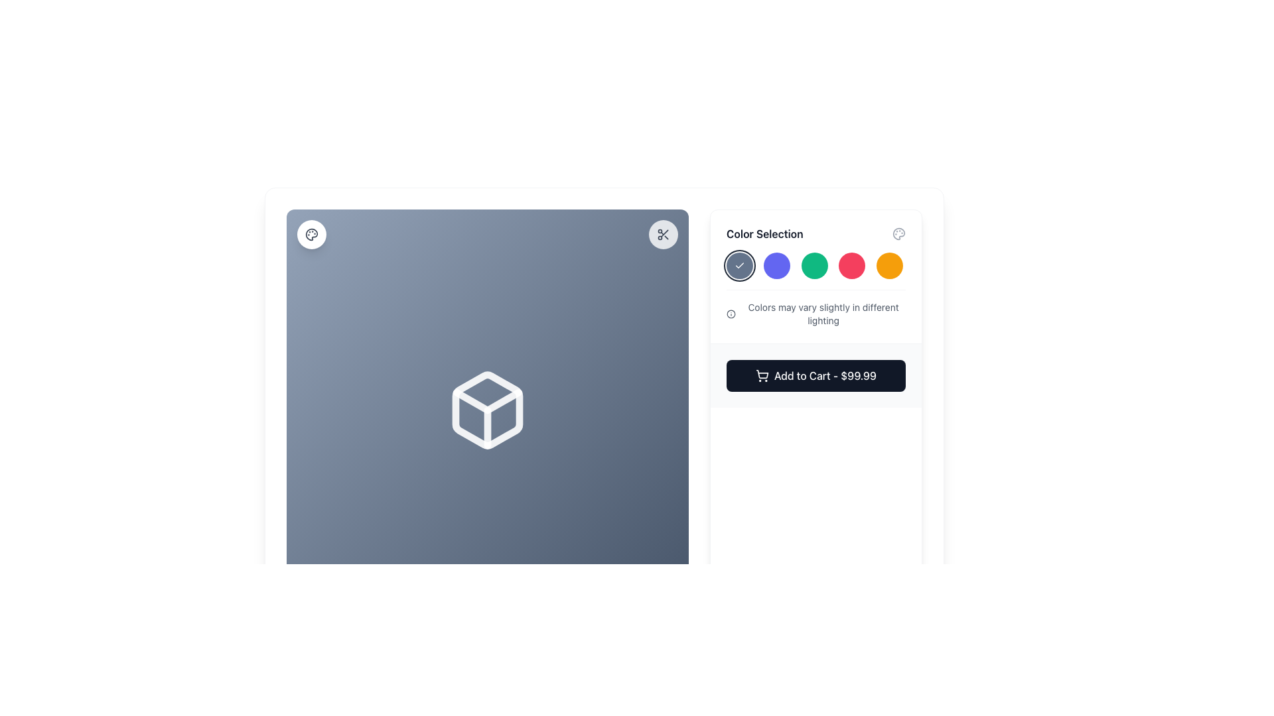 This screenshot has height=716, width=1274. What do you see at coordinates (852, 266) in the screenshot?
I see `the red color icon in the color selection palette, which is the fourth icon in a horizontal set of five, positioned between the emerald green and amber yellow icons` at bounding box center [852, 266].